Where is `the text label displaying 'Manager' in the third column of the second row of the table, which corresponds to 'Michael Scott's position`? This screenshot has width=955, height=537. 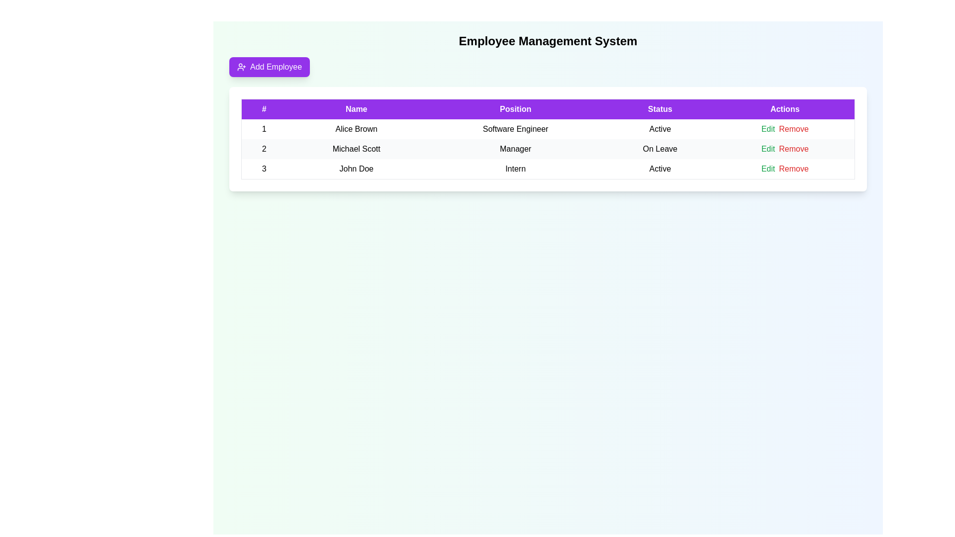
the text label displaying 'Manager' in the third column of the second row of the table, which corresponds to 'Michael Scott's position is located at coordinates (515, 149).